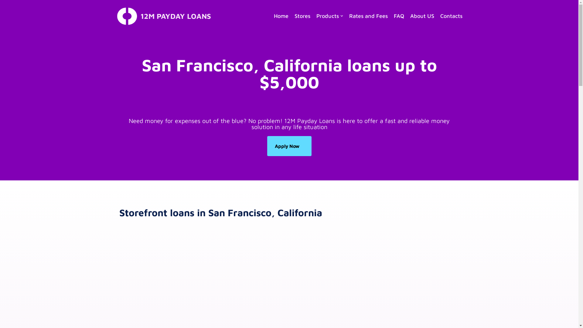  Describe the element at coordinates (281, 16) in the screenshot. I see `'Home'` at that location.